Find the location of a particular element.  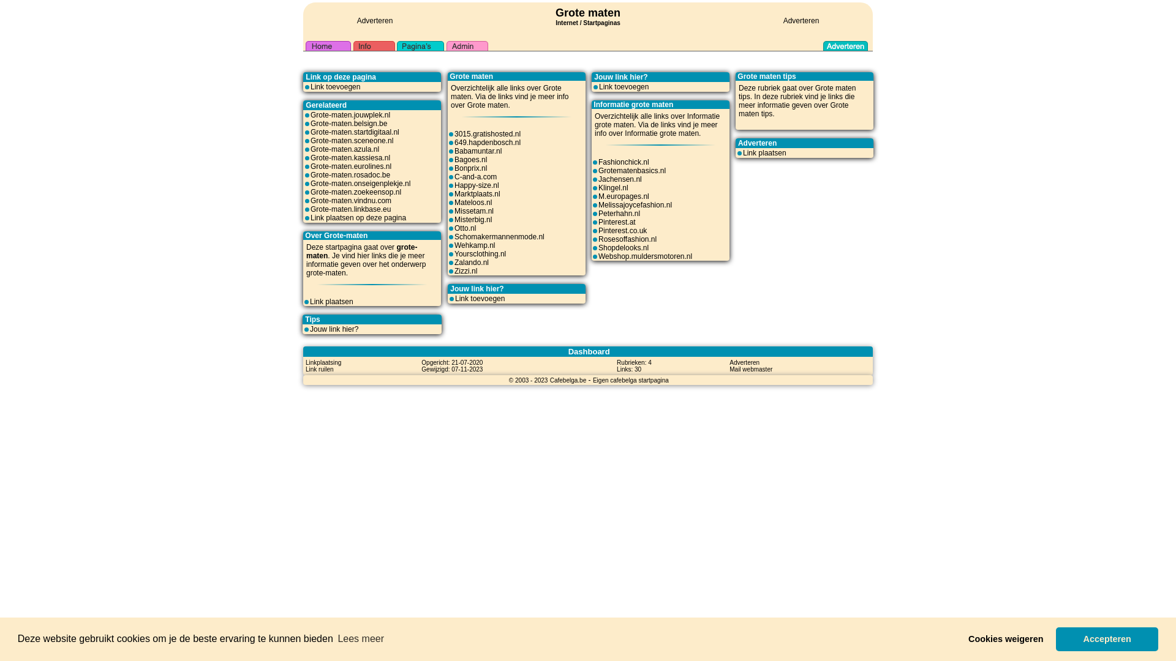

'Adverteren' is located at coordinates (801, 21).